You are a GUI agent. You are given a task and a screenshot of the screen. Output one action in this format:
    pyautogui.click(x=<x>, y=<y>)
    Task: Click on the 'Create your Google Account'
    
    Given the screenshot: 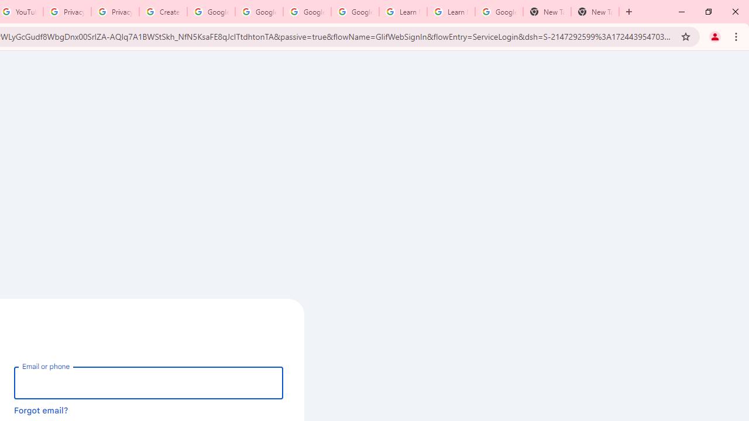 What is the action you would take?
    pyautogui.click(x=163, y=12)
    